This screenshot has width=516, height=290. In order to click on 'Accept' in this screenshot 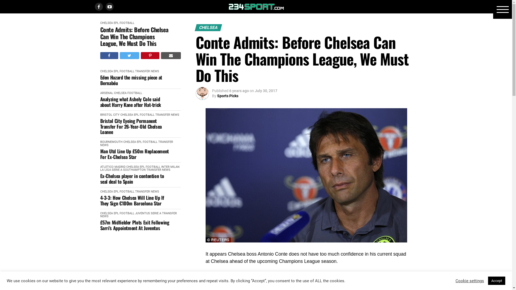, I will do `click(496, 280)`.